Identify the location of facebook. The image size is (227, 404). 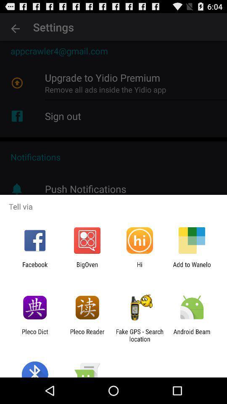
(34, 268).